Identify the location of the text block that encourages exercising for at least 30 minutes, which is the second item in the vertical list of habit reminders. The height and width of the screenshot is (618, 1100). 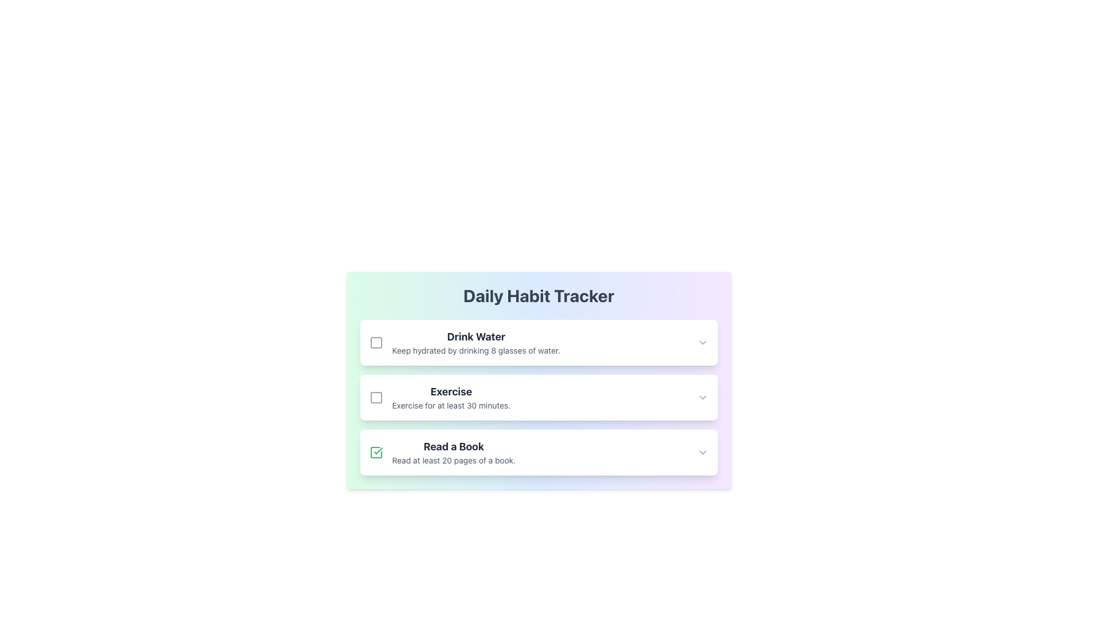
(450, 397).